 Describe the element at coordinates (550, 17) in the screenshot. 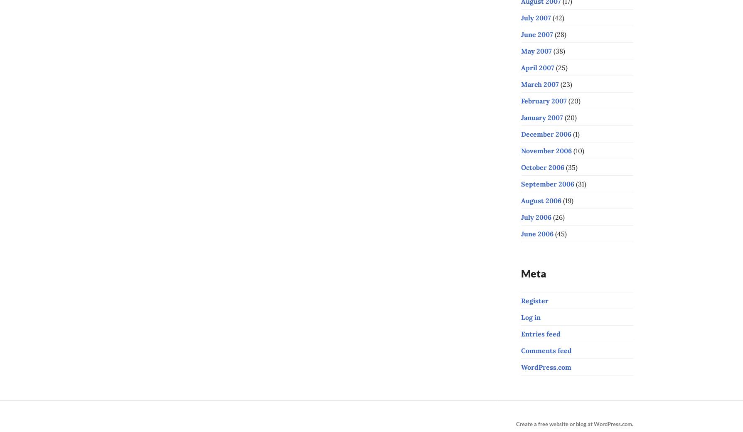

I see `'(42)'` at that location.